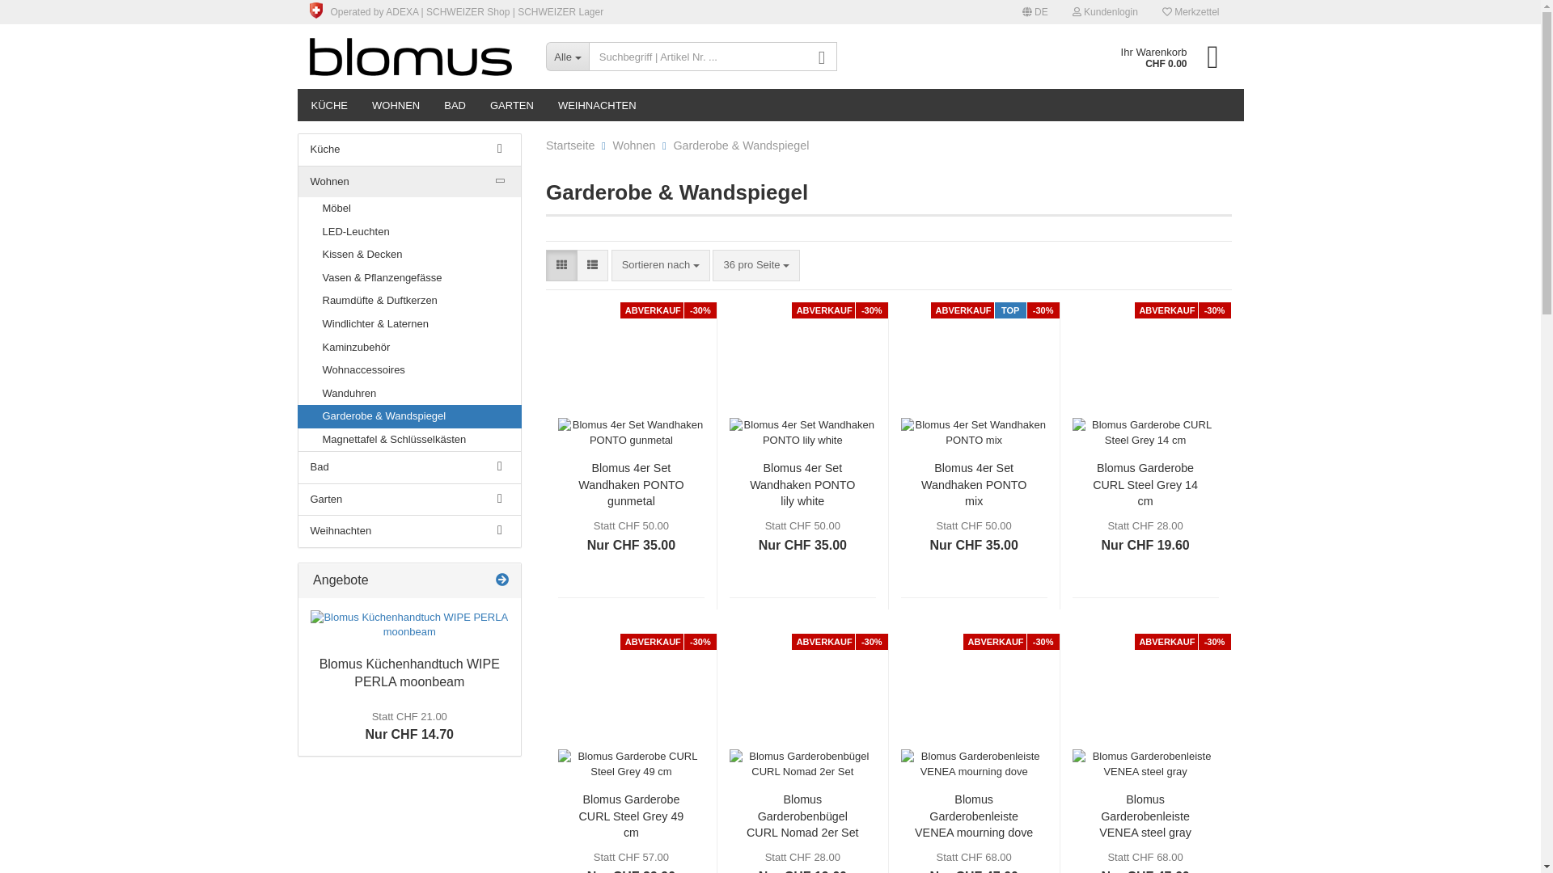 Image resolution: width=1553 pixels, height=873 pixels. Describe the element at coordinates (298, 324) in the screenshot. I see `'Windlichter & Laternen'` at that location.